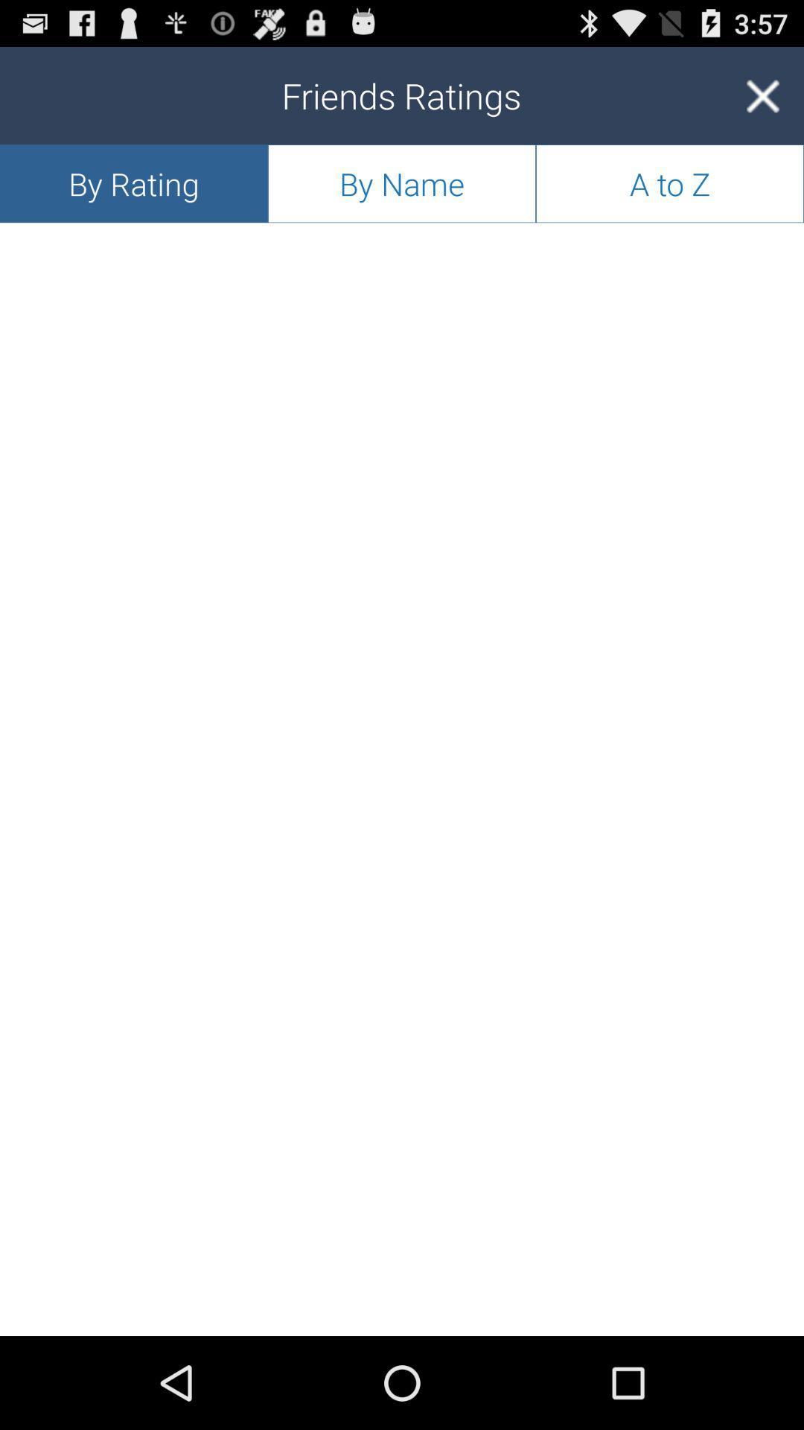 The image size is (804, 1430). Describe the element at coordinates (669, 182) in the screenshot. I see `the a to z icon` at that location.